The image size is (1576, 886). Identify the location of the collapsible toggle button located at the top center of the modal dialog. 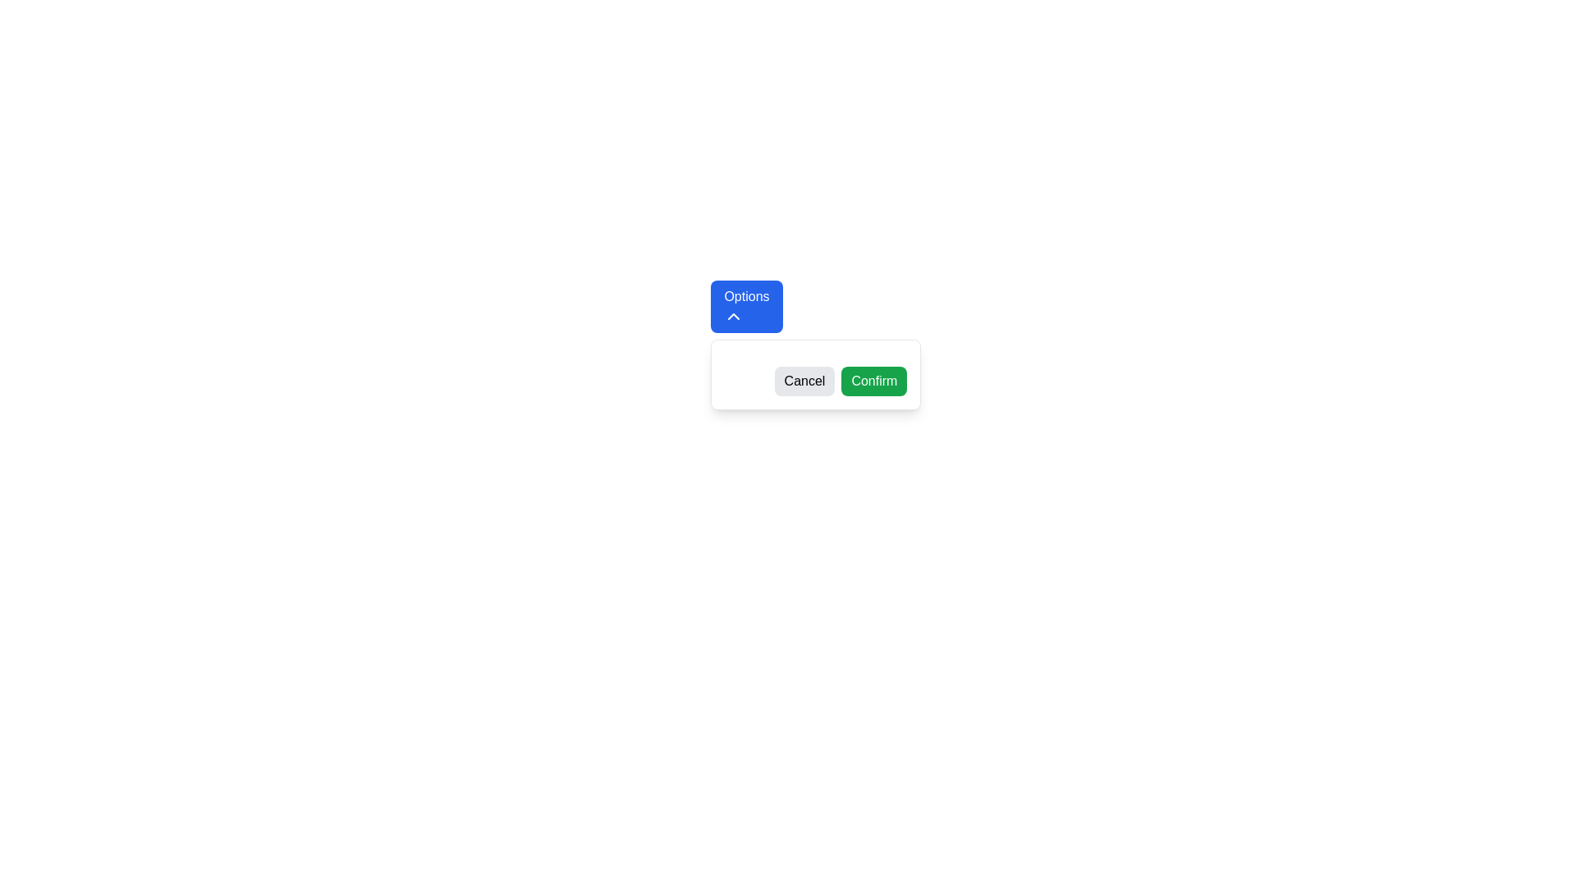
(746, 307).